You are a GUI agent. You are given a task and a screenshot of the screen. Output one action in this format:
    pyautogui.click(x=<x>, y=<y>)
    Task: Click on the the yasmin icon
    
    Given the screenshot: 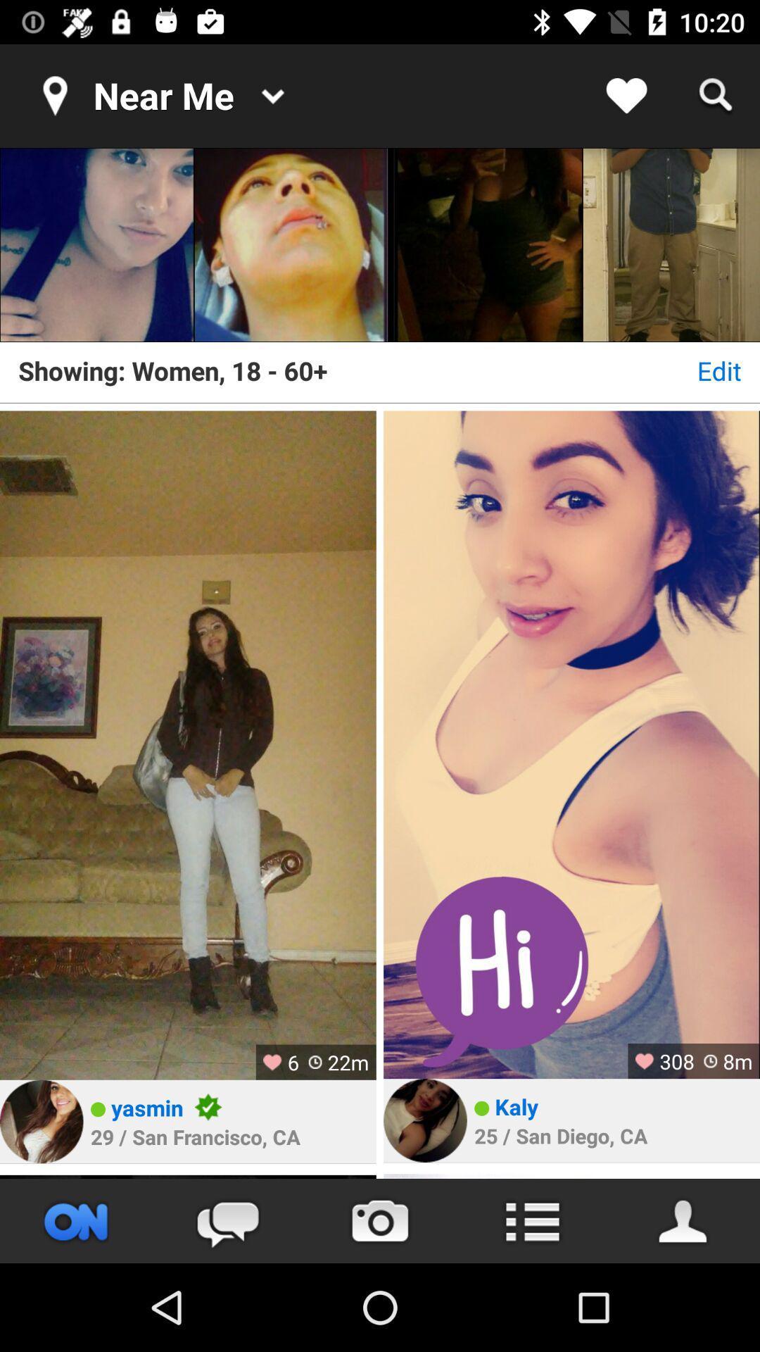 What is the action you would take?
    pyautogui.click(x=147, y=1107)
    